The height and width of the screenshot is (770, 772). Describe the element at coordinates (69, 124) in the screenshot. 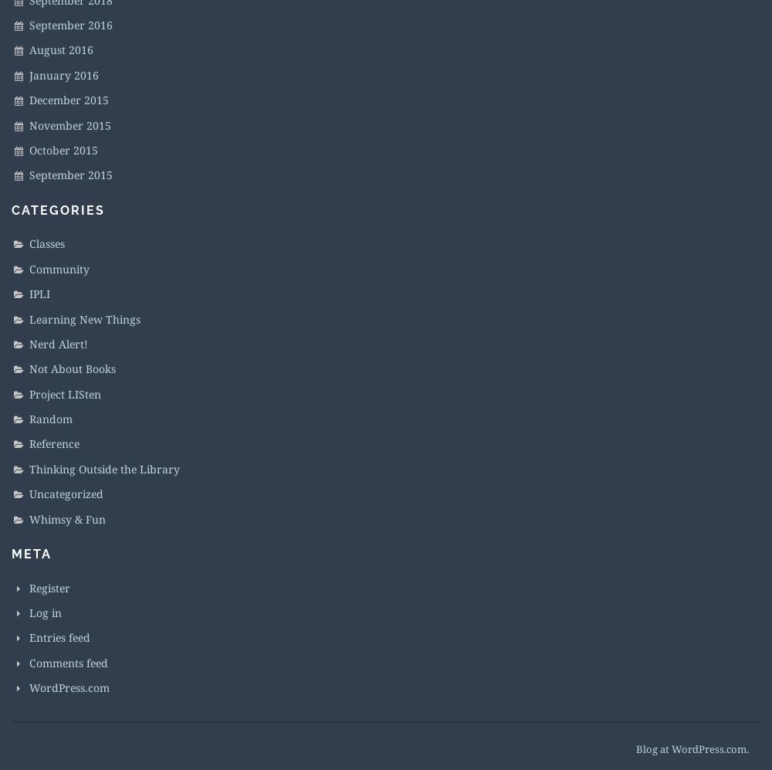

I see `'November 2015'` at that location.